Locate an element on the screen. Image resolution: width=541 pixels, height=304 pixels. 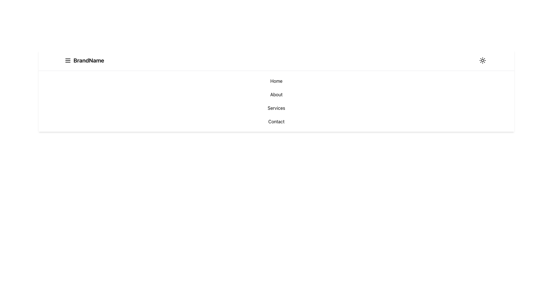
the 'About' button is located at coordinates (276, 94).